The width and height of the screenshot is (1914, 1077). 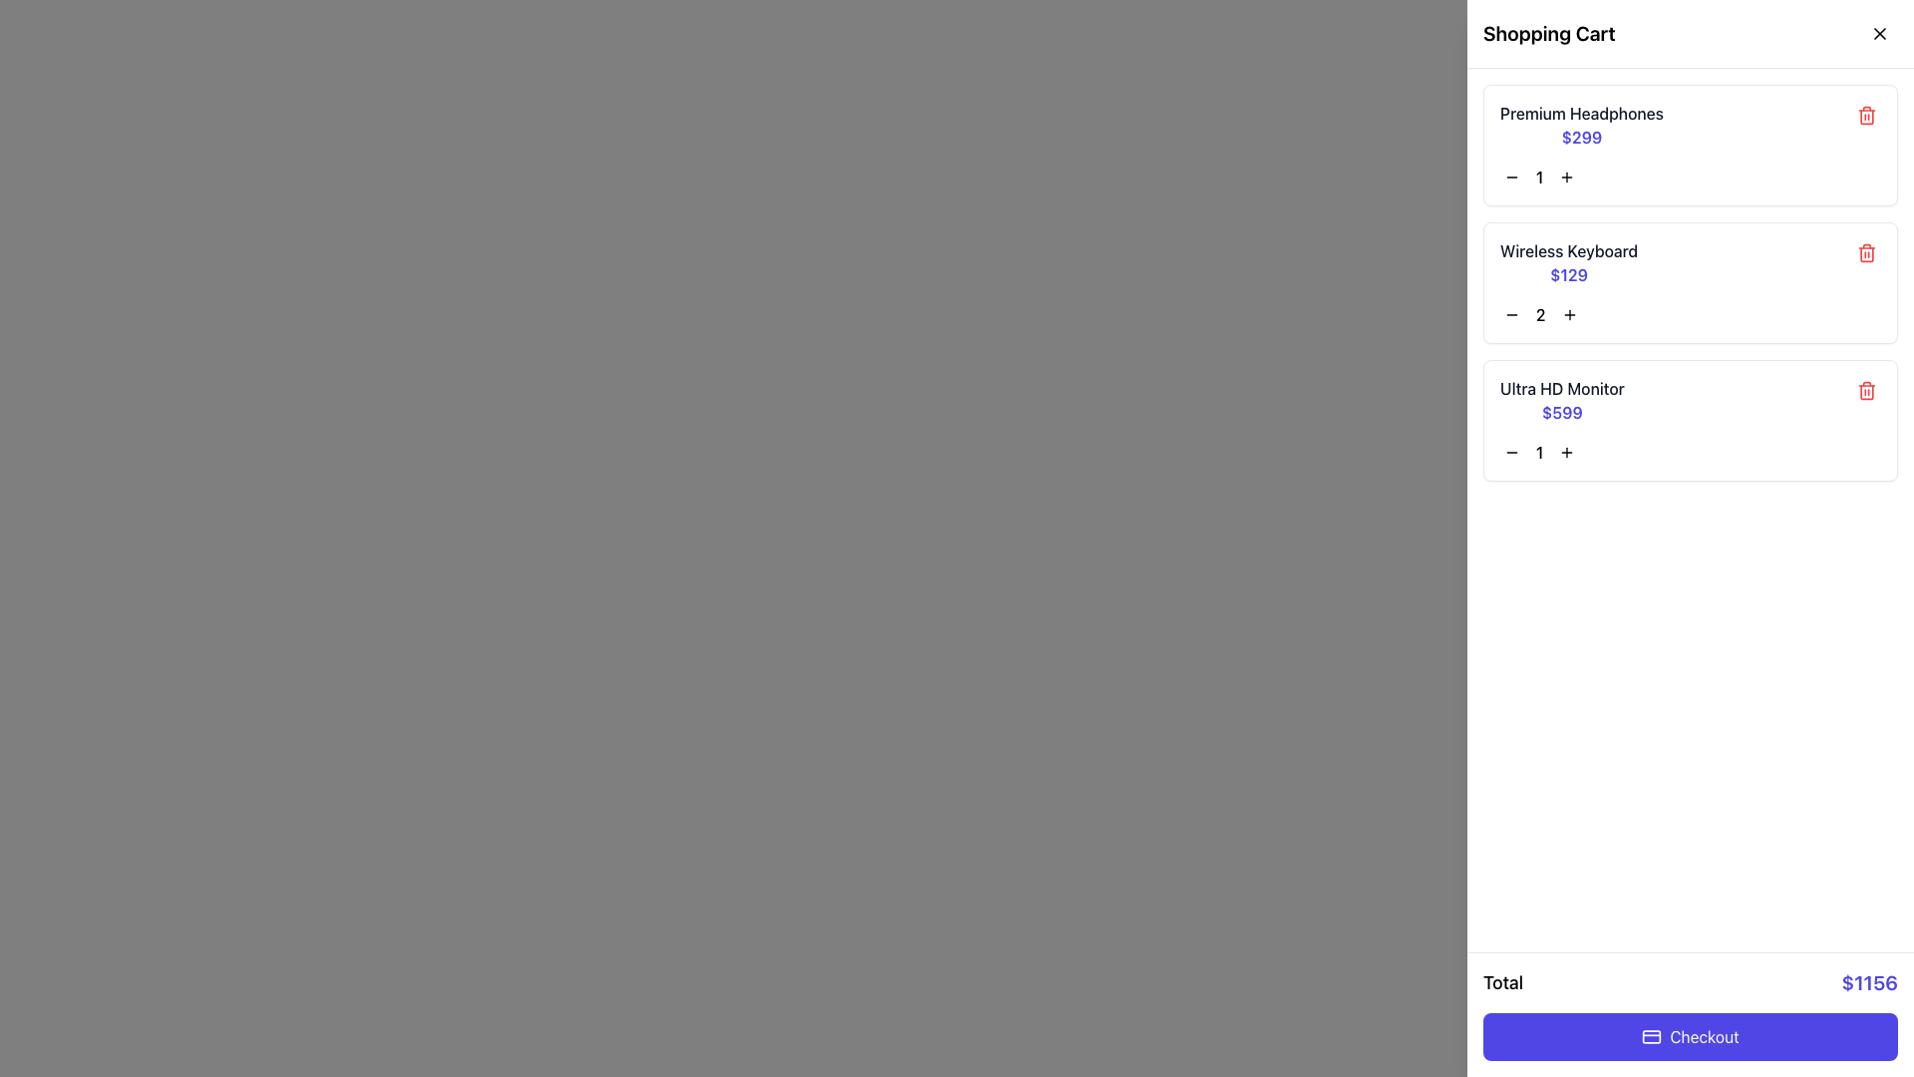 What do you see at coordinates (1538, 453) in the screenshot?
I see `the numerical text element displaying '1' in the shopping cart, located between the minus ('−') and plus ('+') buttons for the 'Ultra HD Monitor' item` at bounding box center [1538, 453].